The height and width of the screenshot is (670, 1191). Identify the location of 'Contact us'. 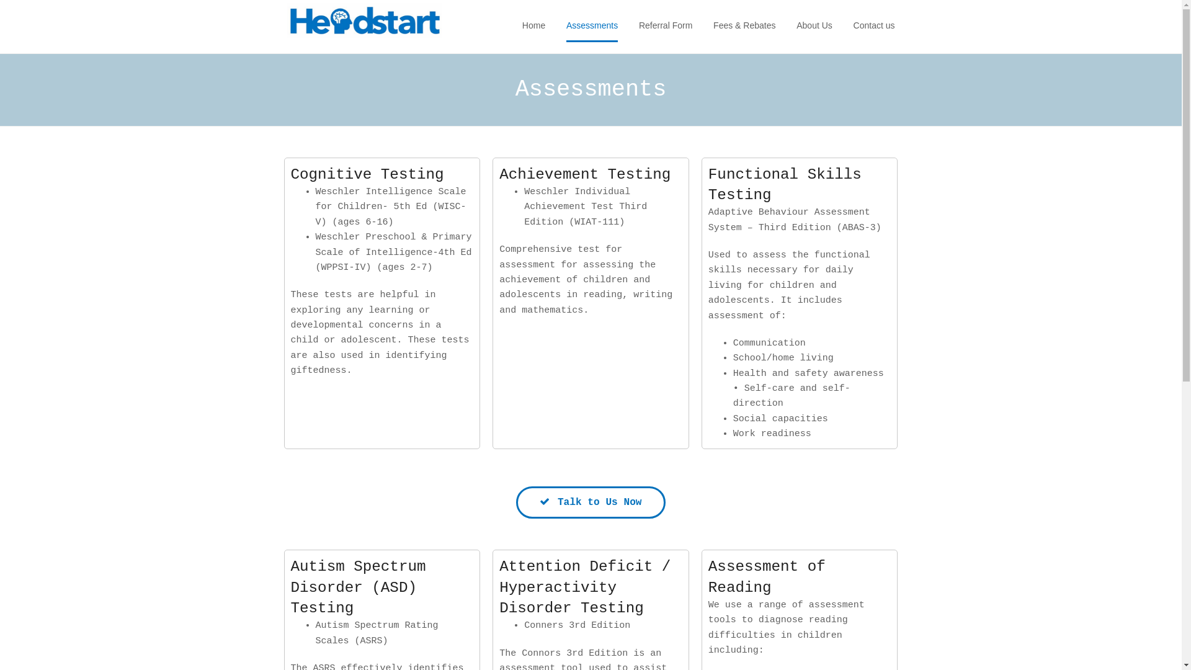
(853, 26).